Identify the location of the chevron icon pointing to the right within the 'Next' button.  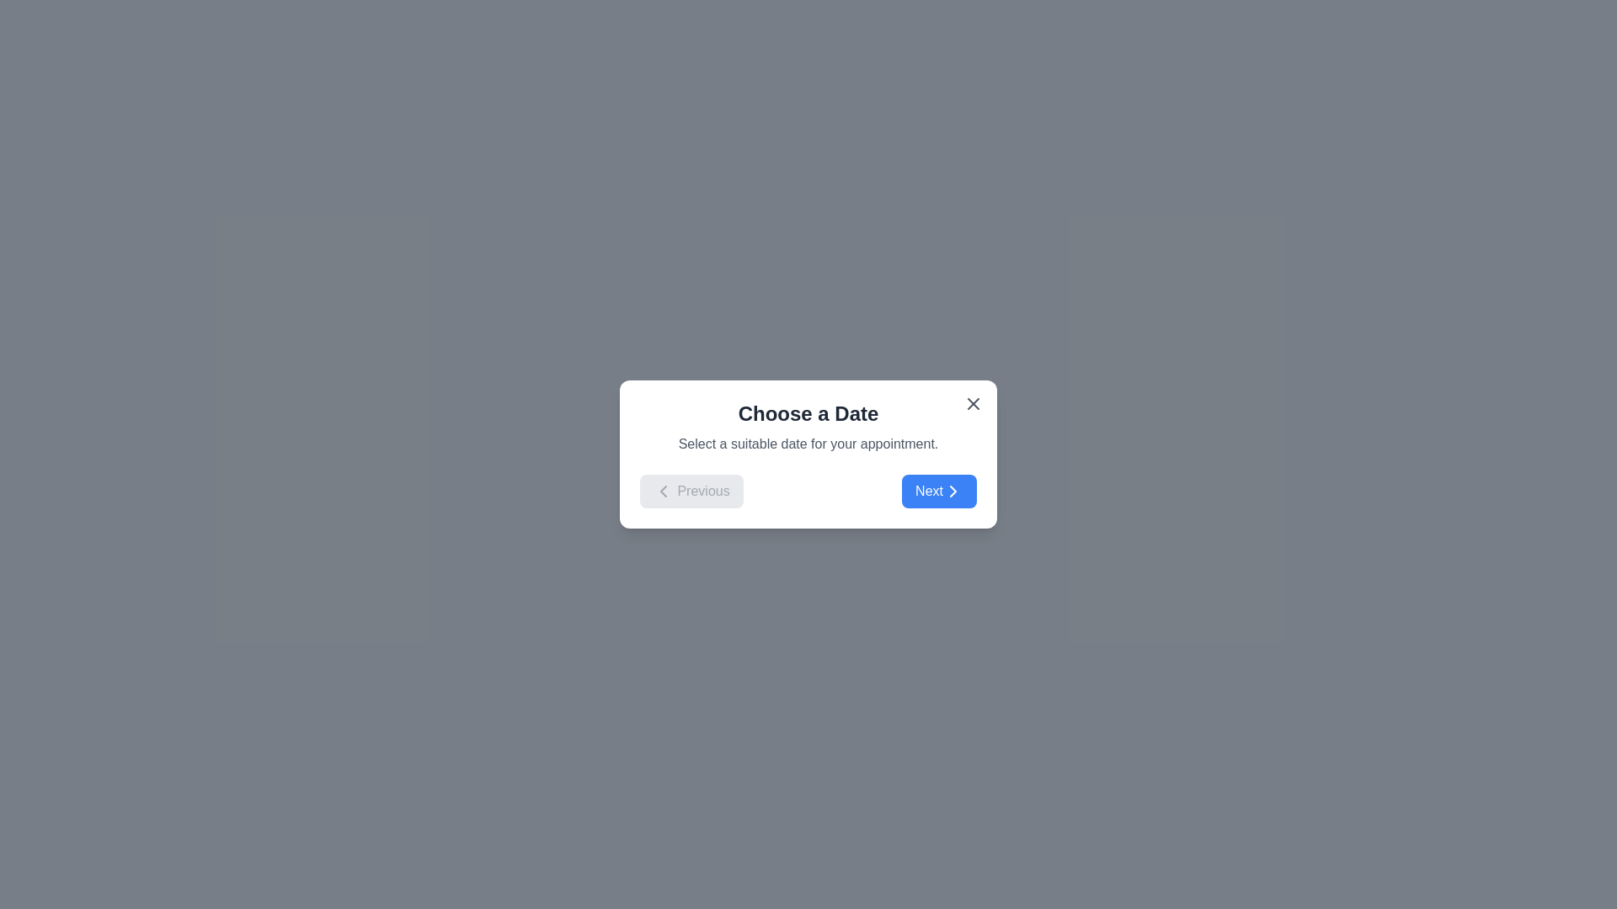
(953, 491).